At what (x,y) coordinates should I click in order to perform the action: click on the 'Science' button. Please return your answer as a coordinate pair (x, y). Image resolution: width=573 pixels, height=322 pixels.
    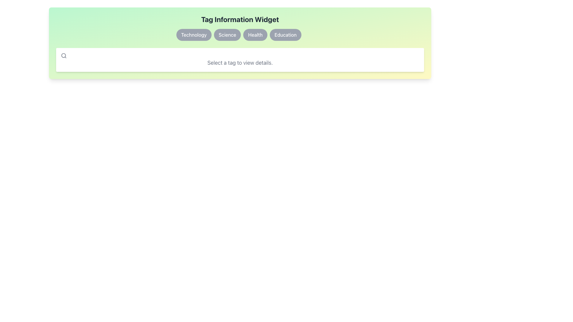
    Looking at the image, I should click on (227, 35).